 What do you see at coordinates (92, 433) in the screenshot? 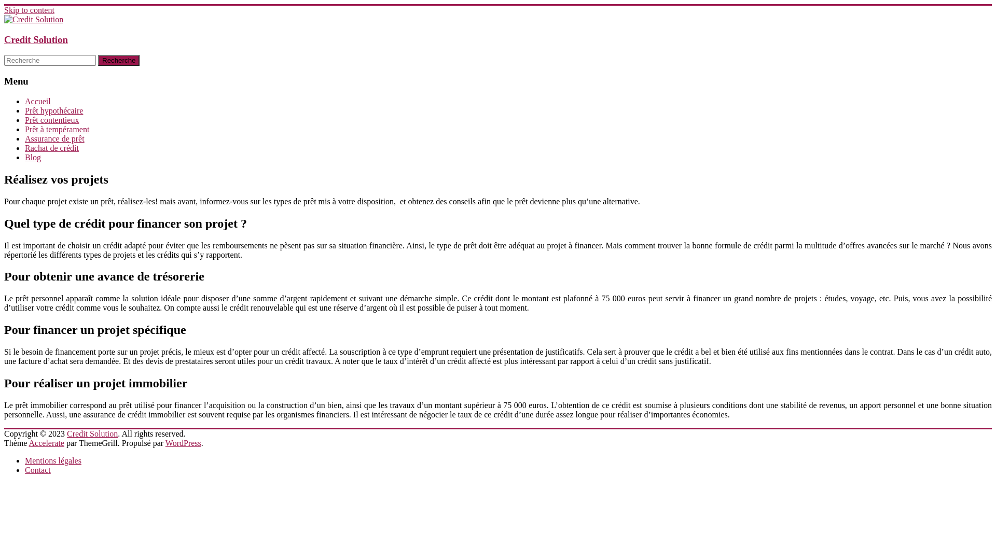
I see `'Credit Solution'` at bounding box center [92, 433].